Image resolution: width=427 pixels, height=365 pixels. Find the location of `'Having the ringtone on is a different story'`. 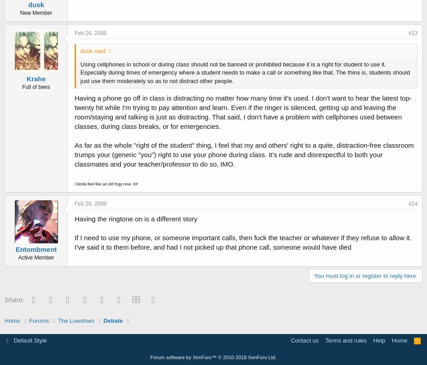

'Having the ringtone on is a different story' is located at coordinates (74, 218).